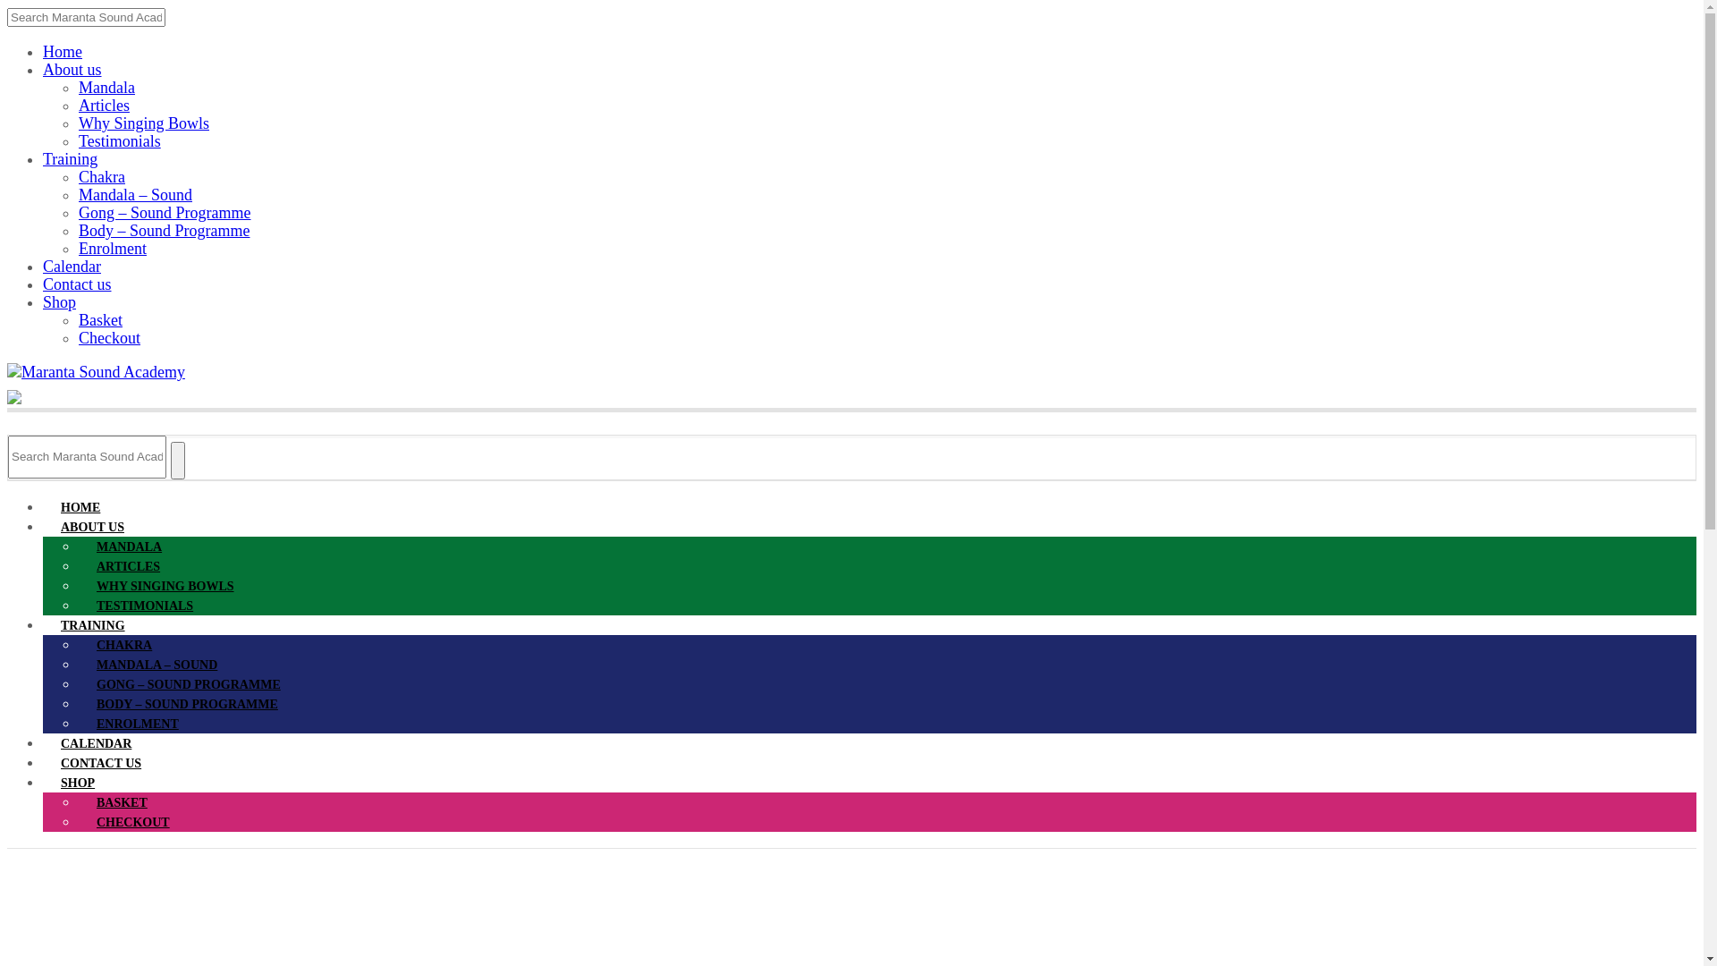 This screenshot has height=966, width=1717. What do you see at coordinates (108, 338) in the screenshot?
I see `'Checkout'` at bounding box center [108, 338].